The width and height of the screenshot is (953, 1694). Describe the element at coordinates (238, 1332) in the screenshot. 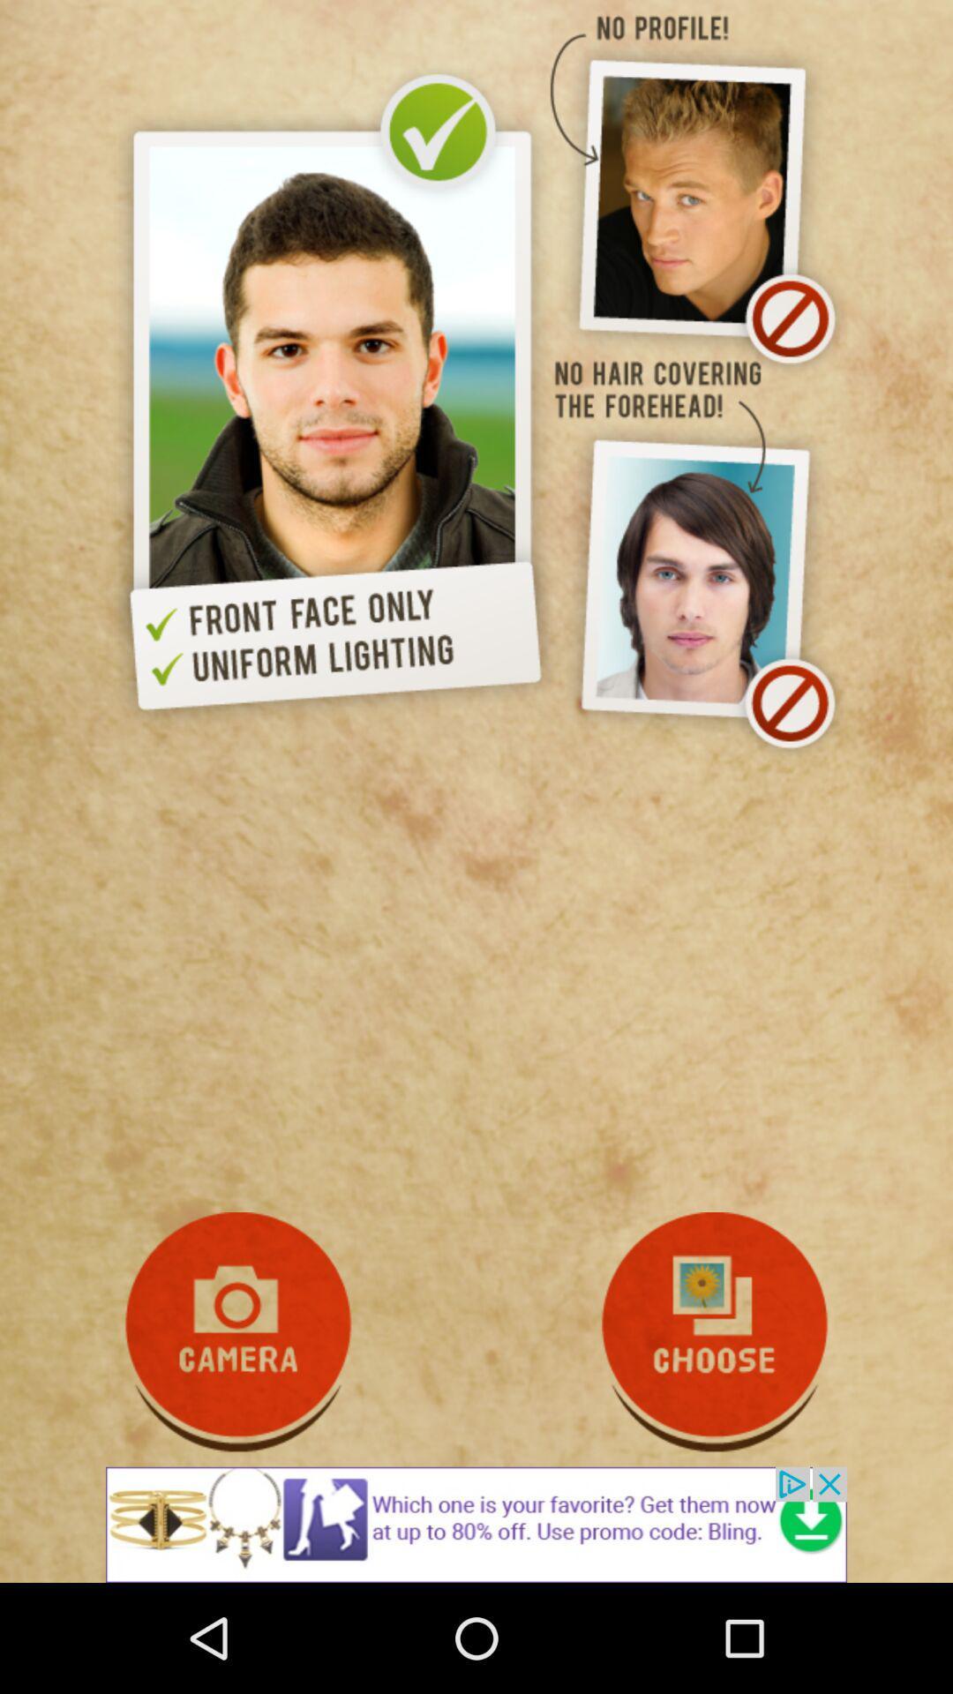

I see `open camera` at that location.